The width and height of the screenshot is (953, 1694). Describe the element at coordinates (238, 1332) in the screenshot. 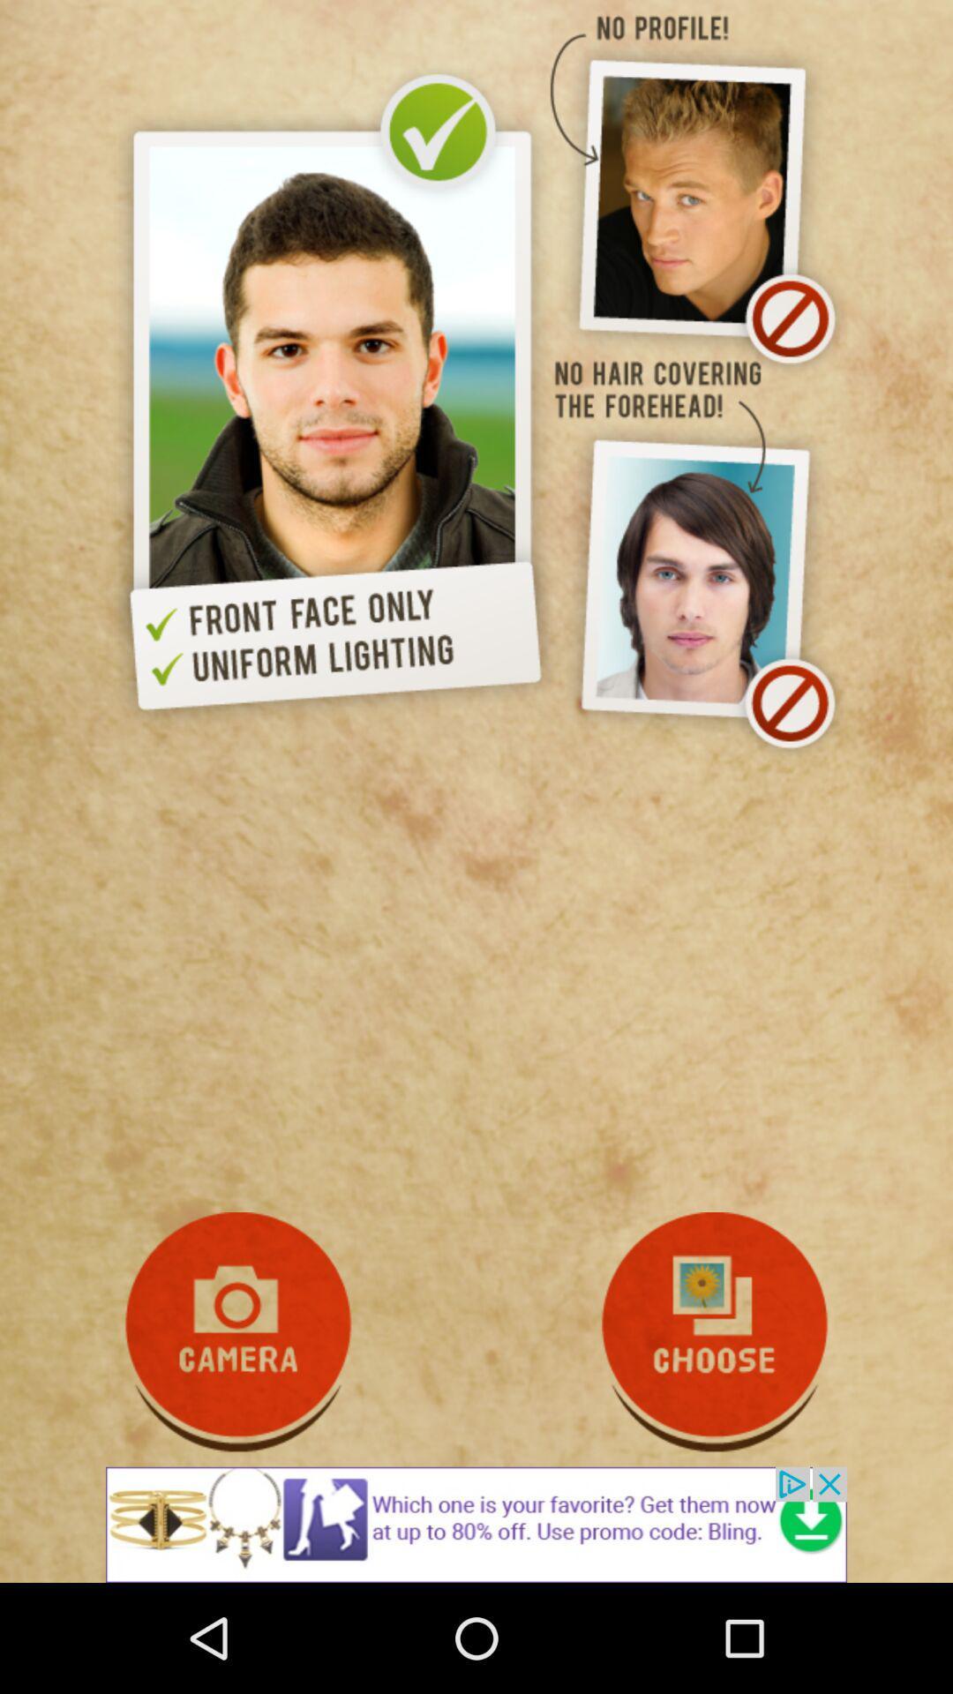

I see `open camera` at that location.